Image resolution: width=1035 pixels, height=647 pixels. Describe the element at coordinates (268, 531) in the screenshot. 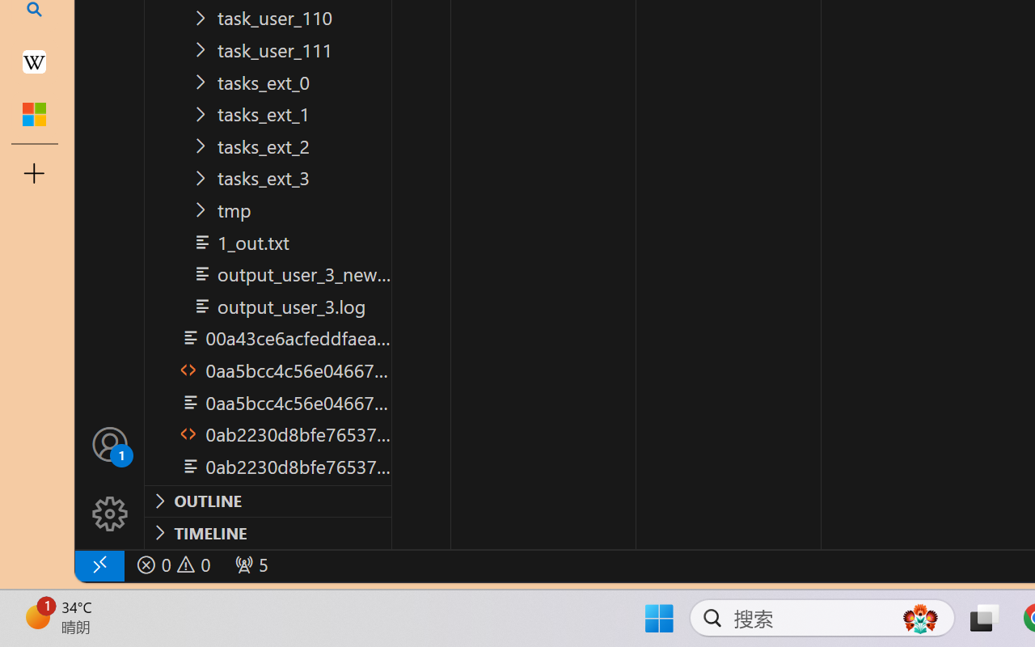

I see `'Timeline Section'` at that location.